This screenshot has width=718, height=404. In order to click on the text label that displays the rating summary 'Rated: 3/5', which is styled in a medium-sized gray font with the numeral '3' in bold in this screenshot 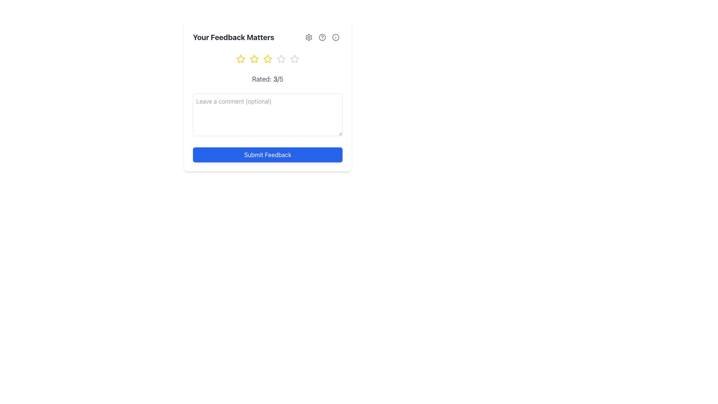, I will do `click(267, 79)`.